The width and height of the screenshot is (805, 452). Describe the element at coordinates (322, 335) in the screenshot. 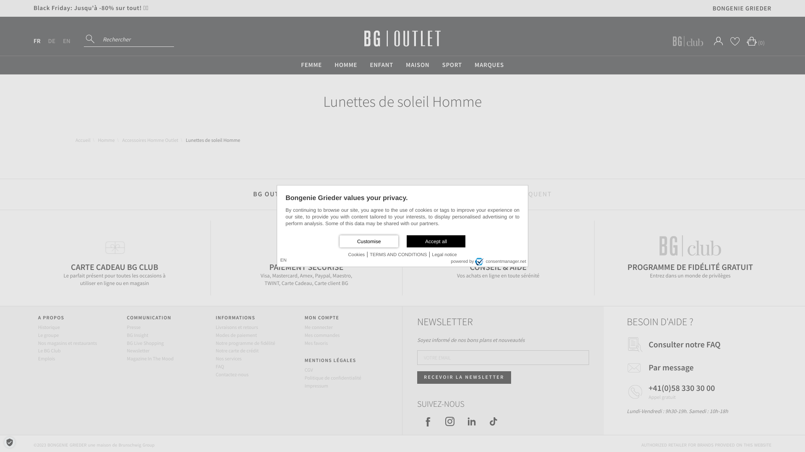

I see `'Mes commandes'` at that location.